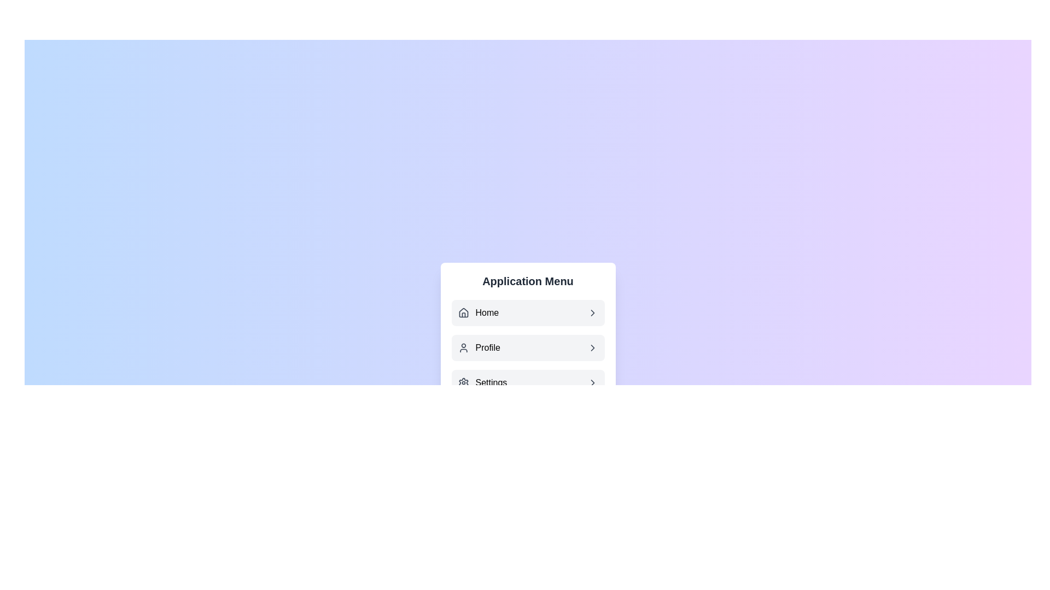 Image resolution: width=1050 pixels, height=590 pixels. What do you see at coordinates (463, 382) in the screenshot?
I see `the circular cog icon located to the left of the 'Settings' label` at bounding box center [463, 382].